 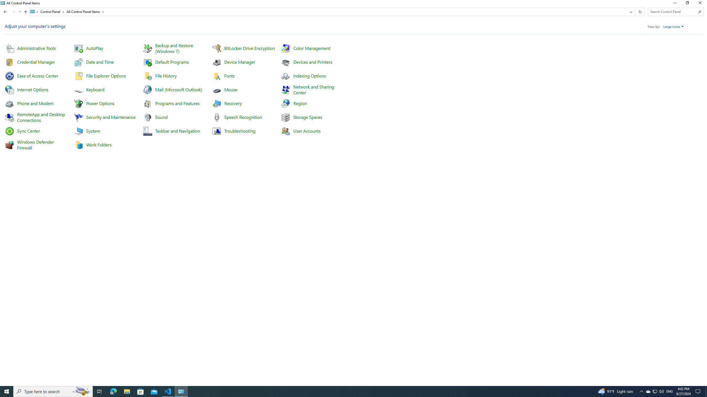 What do you see at coordinates (161, 117) in the screenshot?
I see `'Sound'` at bounding box center [161, 117].